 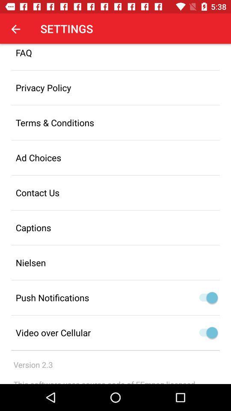 What do you see at coordinates (15, 29) in the screenshot?
I see `app to the left of settings` at bounding box center [15, 29].